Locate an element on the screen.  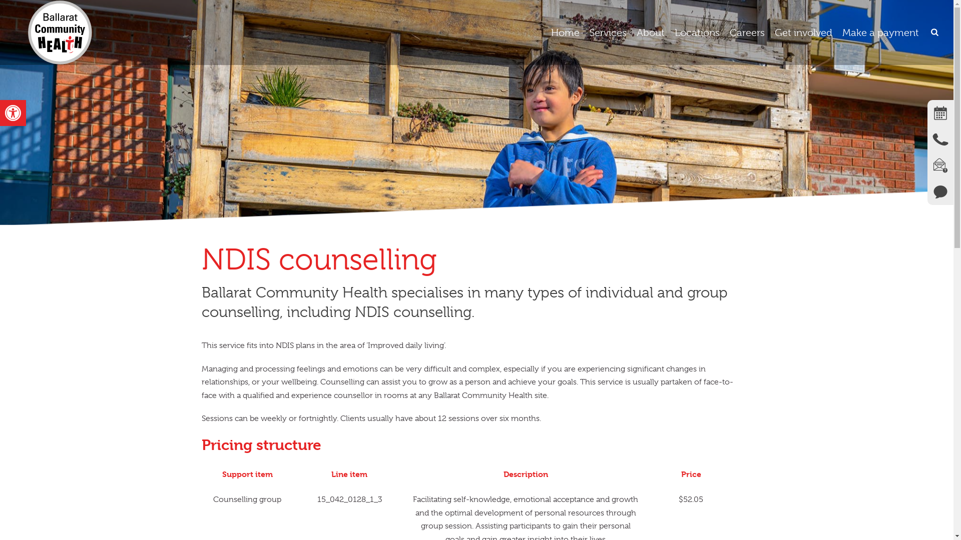
'Locations' is located at coordinates (696, 32).